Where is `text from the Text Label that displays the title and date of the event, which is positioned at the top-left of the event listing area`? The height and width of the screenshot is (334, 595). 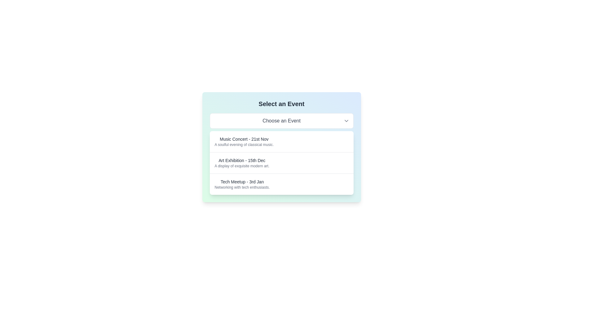 text from the Text Label that displays the title and date of the event, which is positioned at the top-left of the event listing area is located at coordinates (244, 139).